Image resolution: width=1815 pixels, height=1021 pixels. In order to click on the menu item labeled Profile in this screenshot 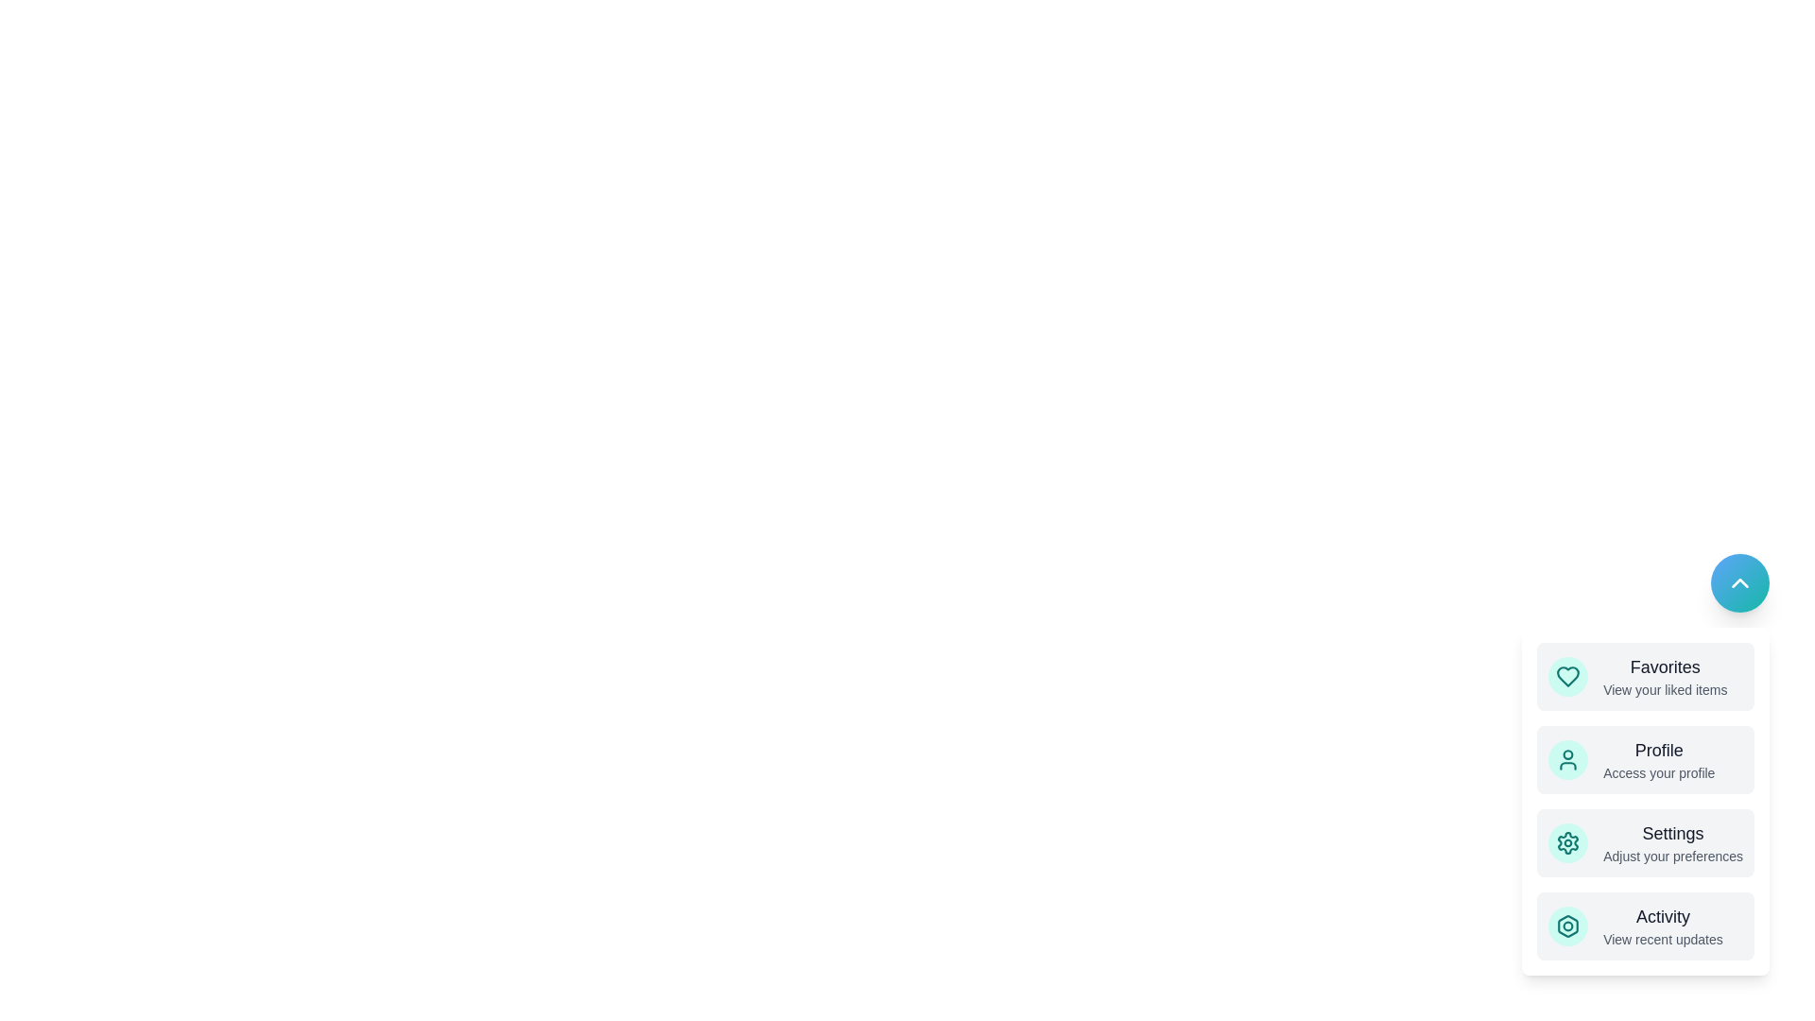, I will do `click(1645, 758)`.